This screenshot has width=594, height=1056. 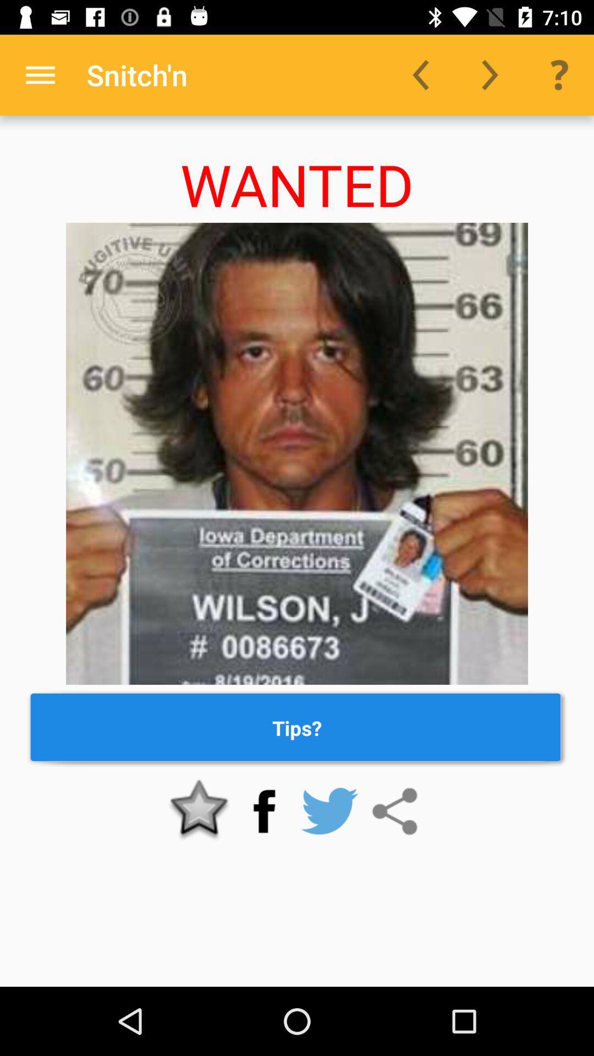 I want to click on share on twitter, so click(x=329, y=811).